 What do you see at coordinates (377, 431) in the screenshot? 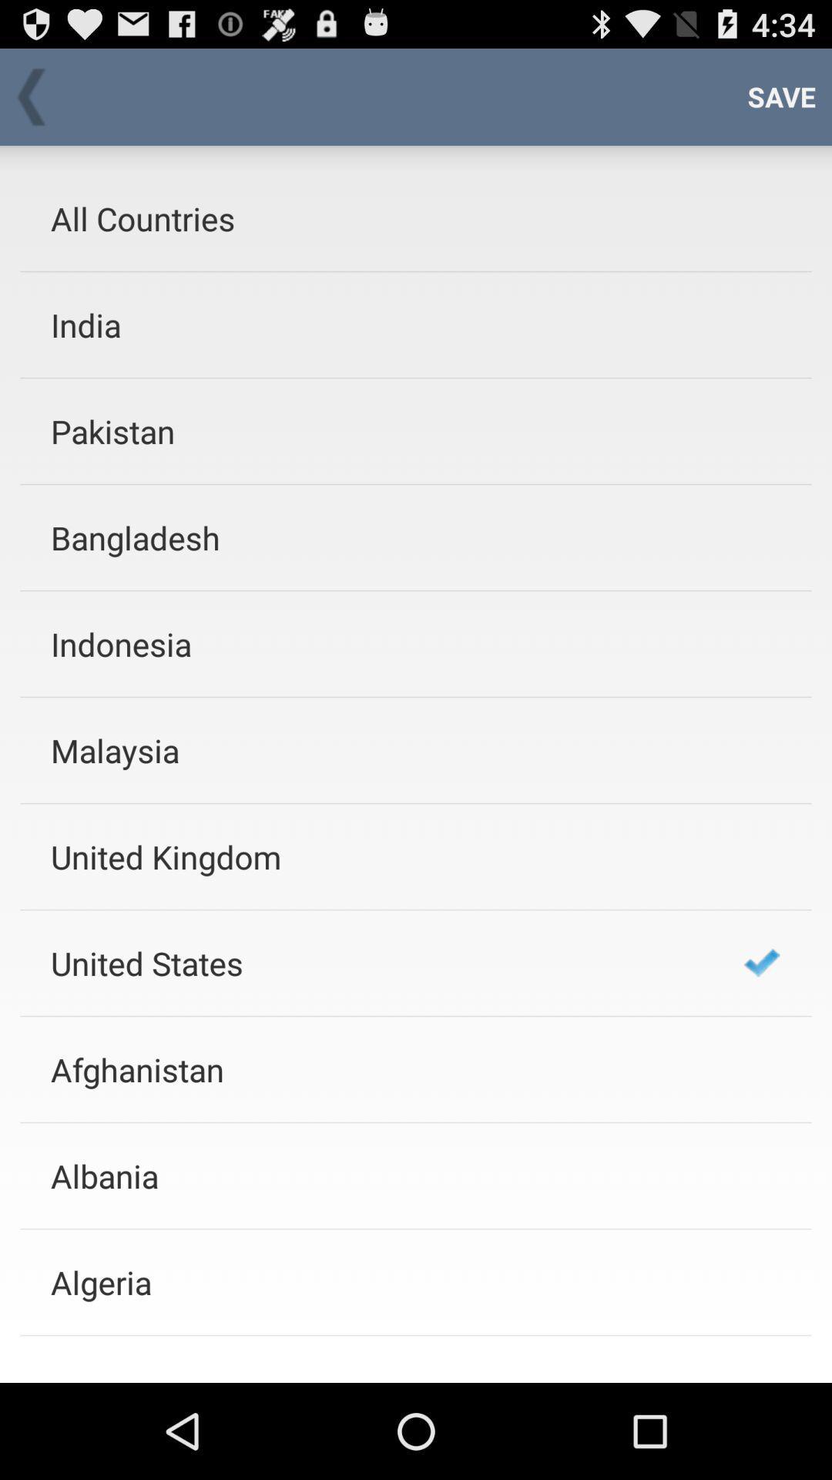
I see `item below the india app` at bounding box center [377, 431].